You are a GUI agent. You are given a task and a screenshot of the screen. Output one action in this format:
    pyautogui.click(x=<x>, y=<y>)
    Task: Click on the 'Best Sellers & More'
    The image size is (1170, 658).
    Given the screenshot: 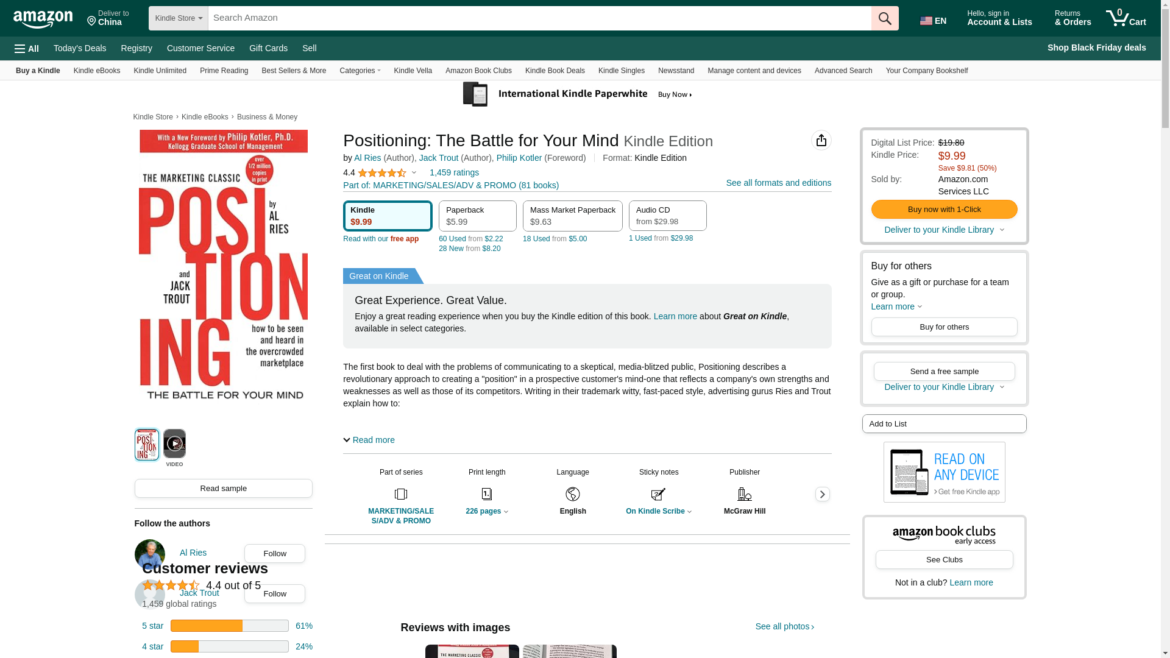 What is the action you would take?
    pyautogui.click(x=253, y=70)
    